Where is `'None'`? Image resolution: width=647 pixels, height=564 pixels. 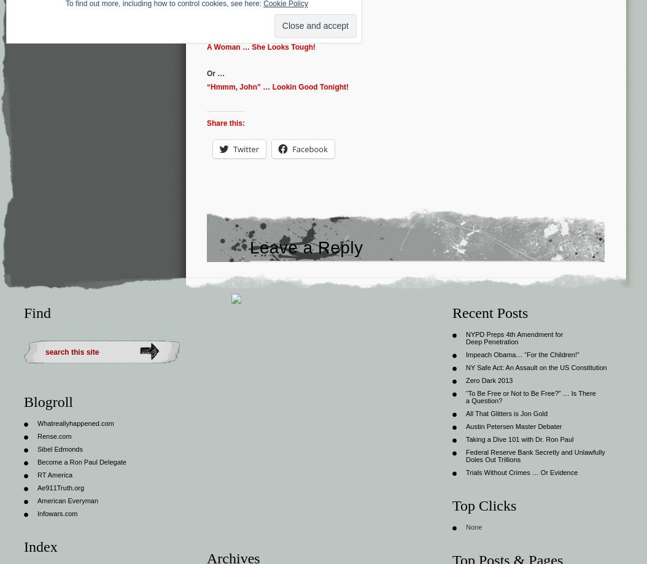
'None' is located at coordinates (473, 525).